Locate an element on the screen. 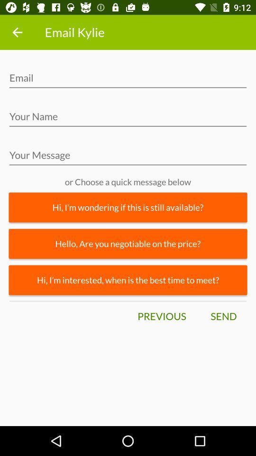 Image resolution: width=256 pixels, height=456 pixels. the item next to previous icon is located at coordinates (223, 316).